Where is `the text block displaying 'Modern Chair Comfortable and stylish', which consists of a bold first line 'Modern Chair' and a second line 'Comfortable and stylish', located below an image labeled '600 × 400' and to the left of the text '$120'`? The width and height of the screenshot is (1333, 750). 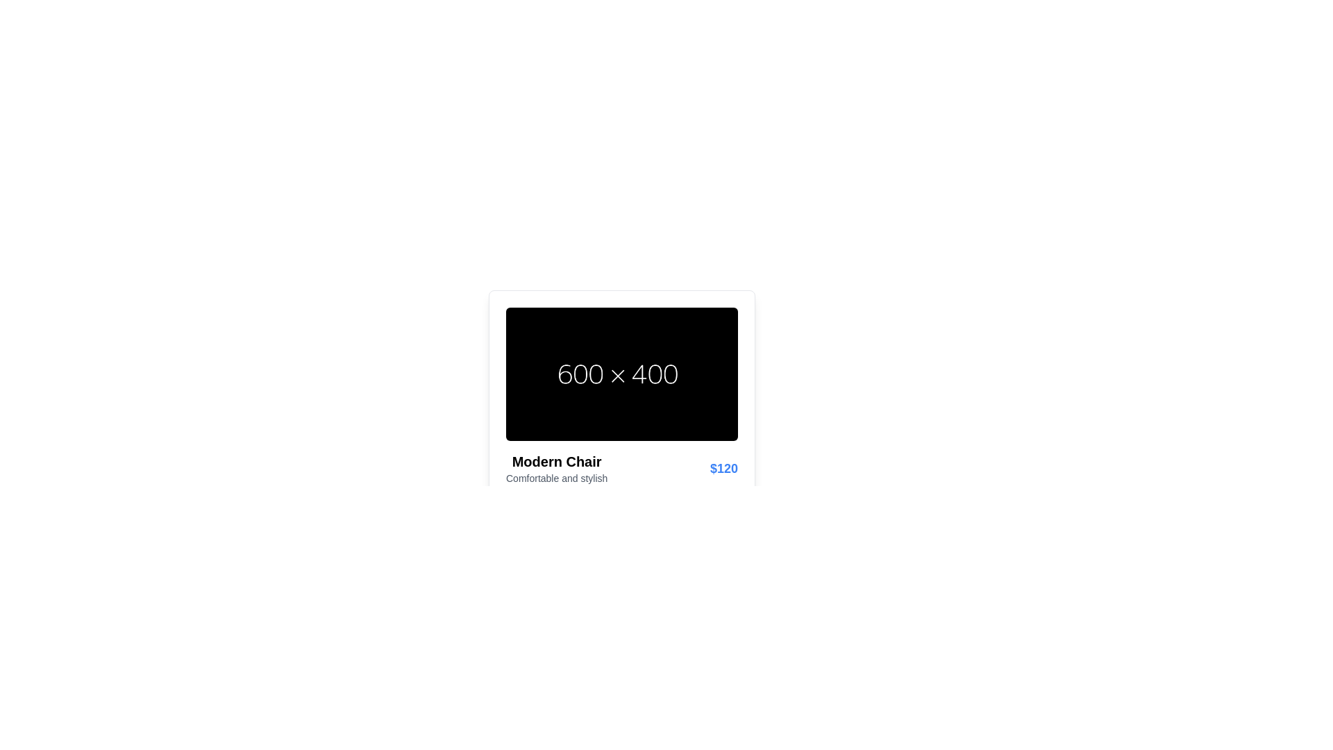
the text block displaying 'Modern Chair Comfortable and stylish', which consists of a bold first line 'Modern Chair' and a second line 'Comfortable and stylish', located below an image labeled '600 × 400' and to the left of the text '$120' is located at coordinates (557, 469).